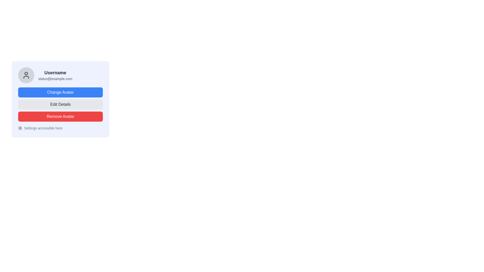 The width and height of the screenshot is (484, 272). I want to click on the bottom button in the user profile section, so click(60, 116).